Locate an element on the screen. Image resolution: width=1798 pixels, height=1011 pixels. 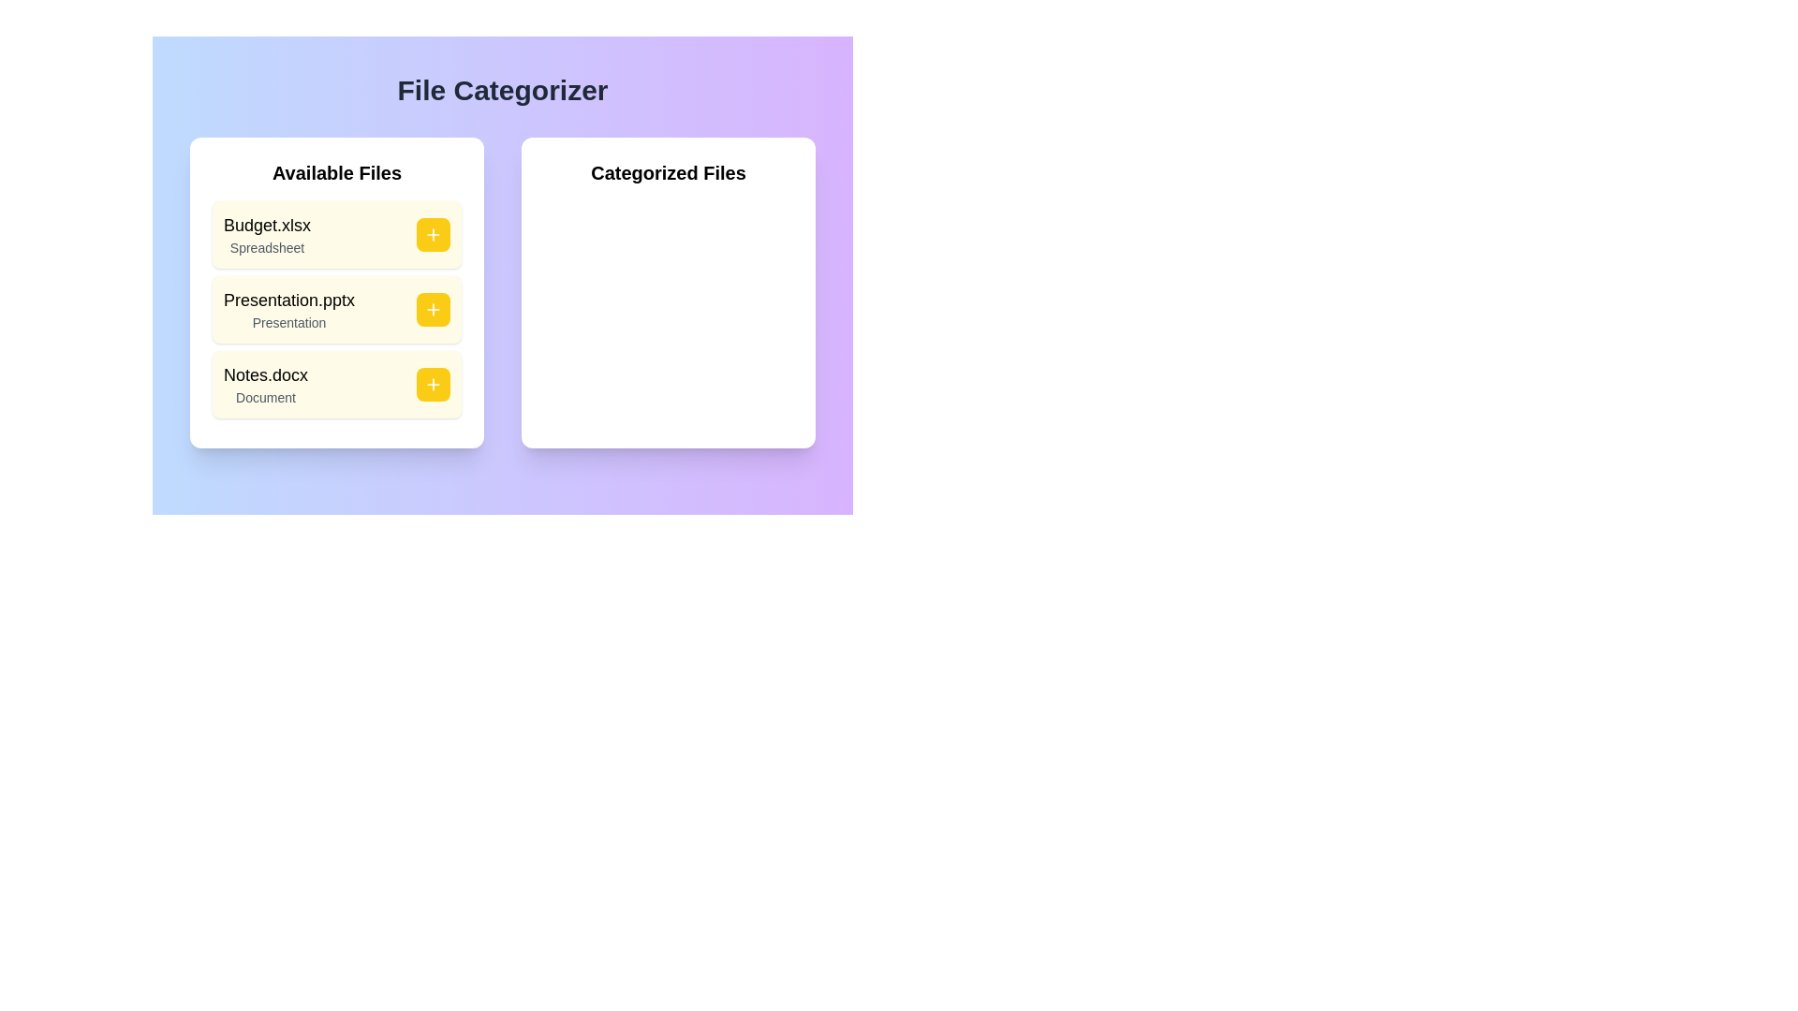
the interactive rectangular button with a bright yellow background and a plus symbol, located to the far right of 'Presentation.pptx' in the 'Available Files' grouping is located at coordinates (432, 309).